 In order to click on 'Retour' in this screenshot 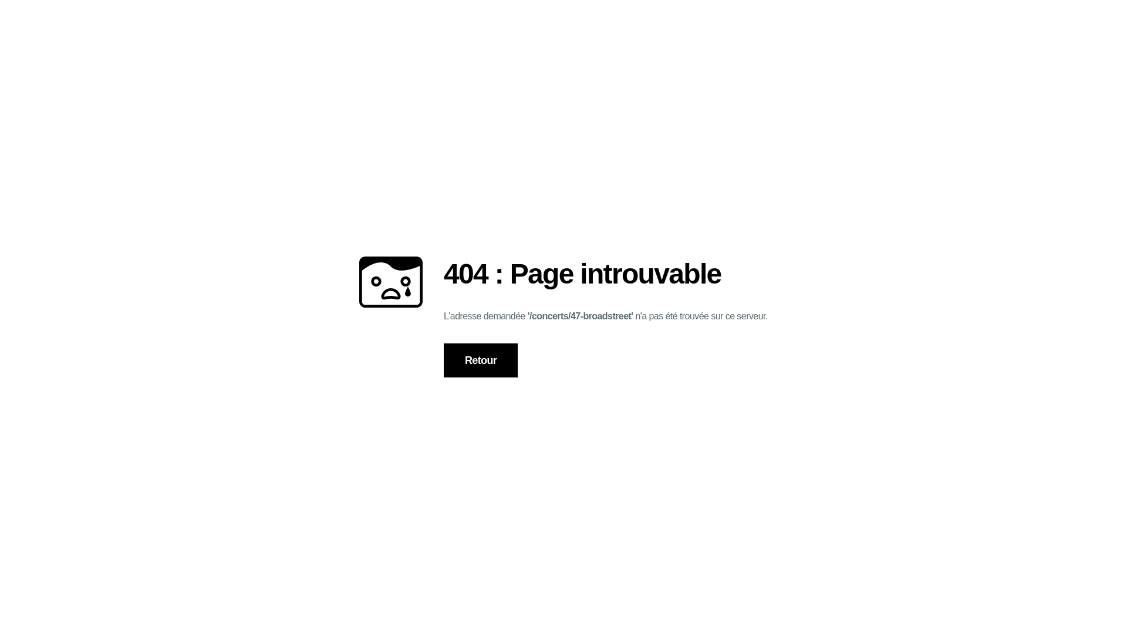, I will do `click(481, 360)`.